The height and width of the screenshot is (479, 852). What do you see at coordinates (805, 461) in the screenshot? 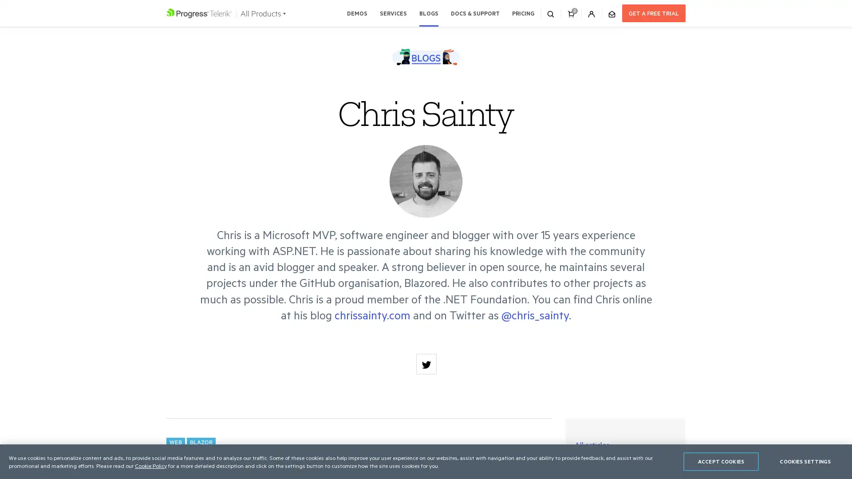
I see `COOKIES SETTINGS` at bounding box center [805, 461].